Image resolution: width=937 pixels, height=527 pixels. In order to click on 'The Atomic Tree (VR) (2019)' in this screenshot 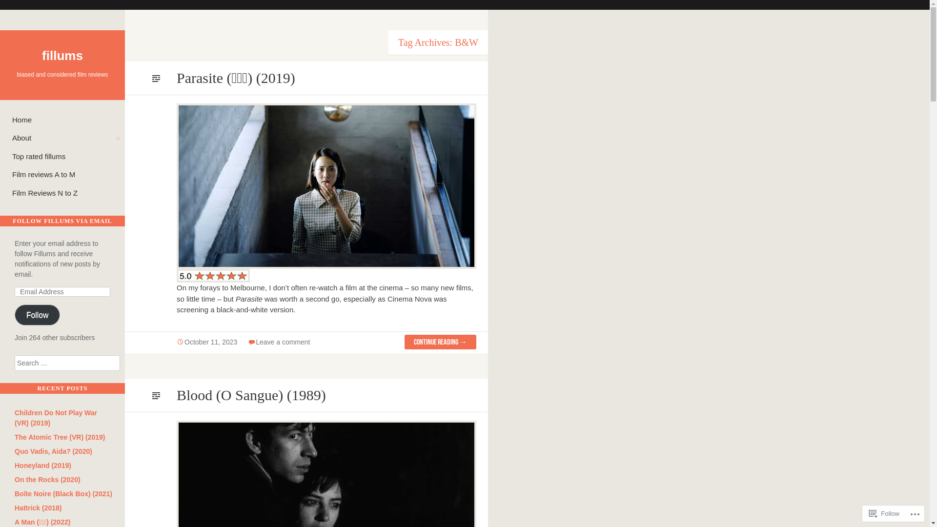, I will do `click(14, 436)`.